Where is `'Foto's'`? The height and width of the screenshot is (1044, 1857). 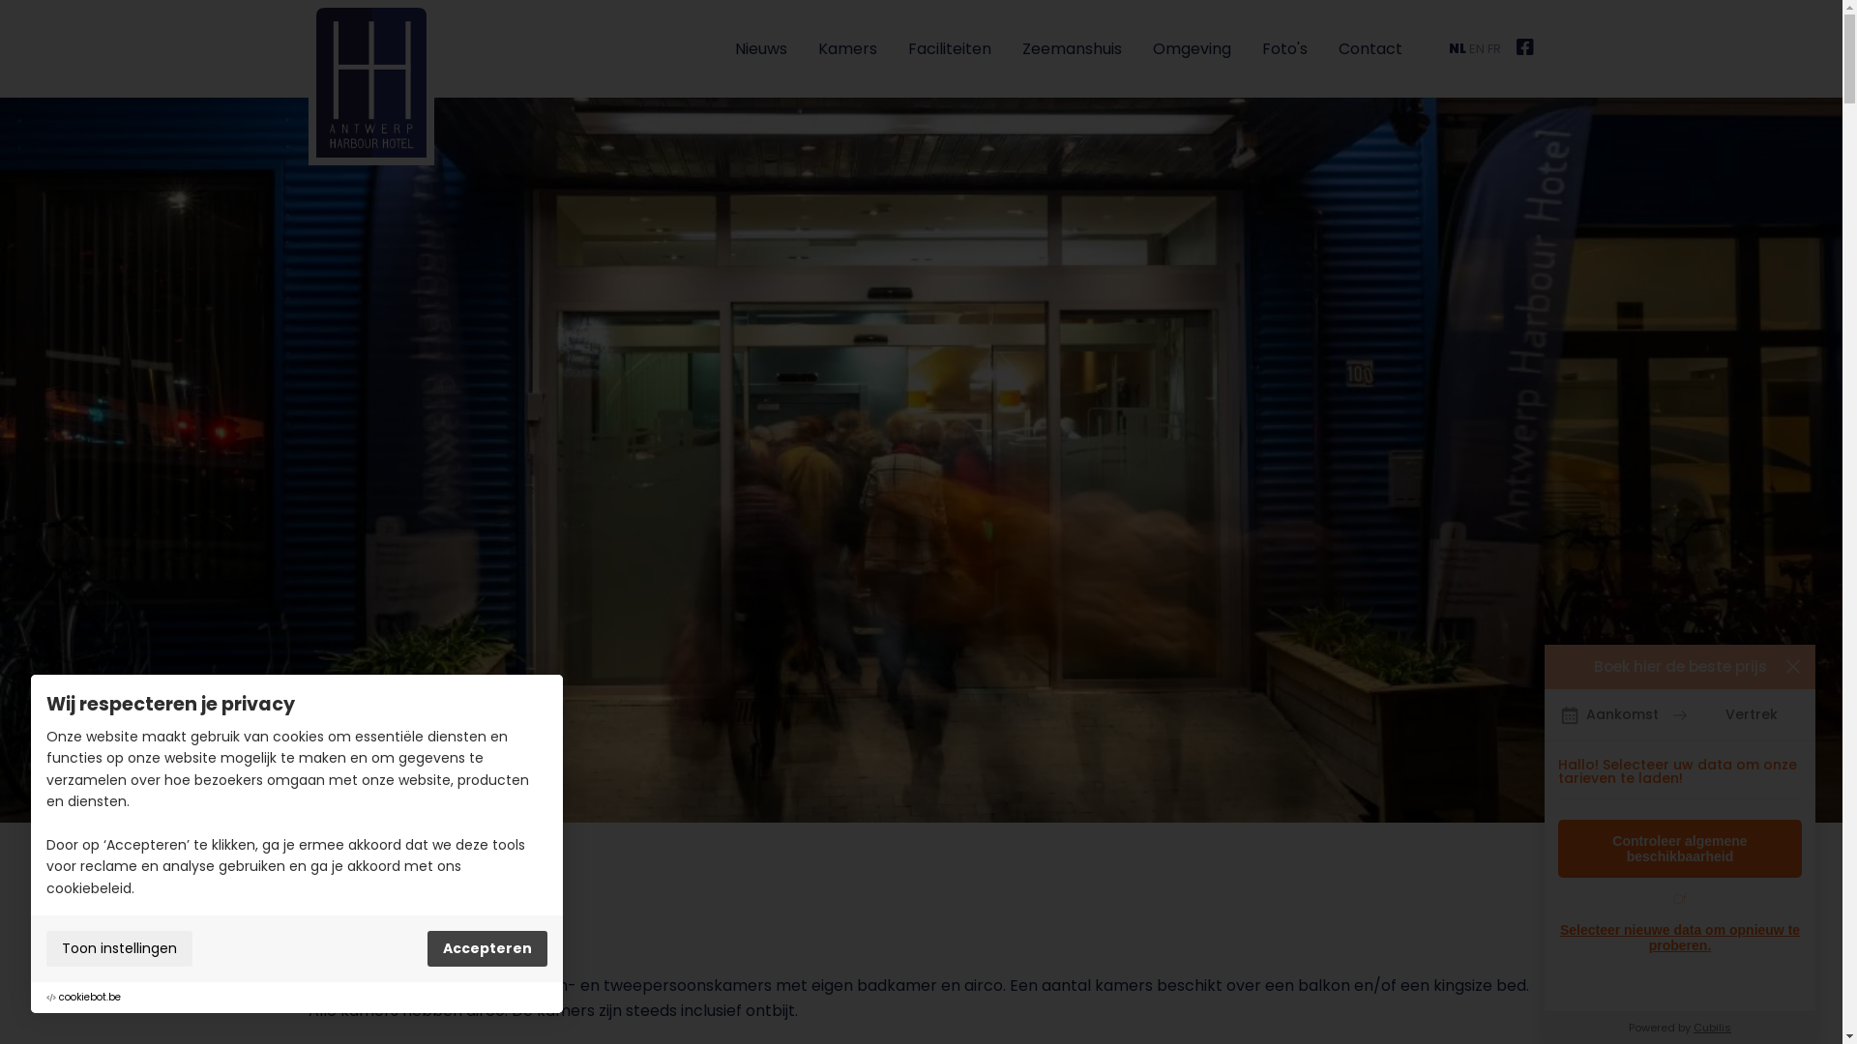
'Foto's' is located at coordinates (1262, 47).